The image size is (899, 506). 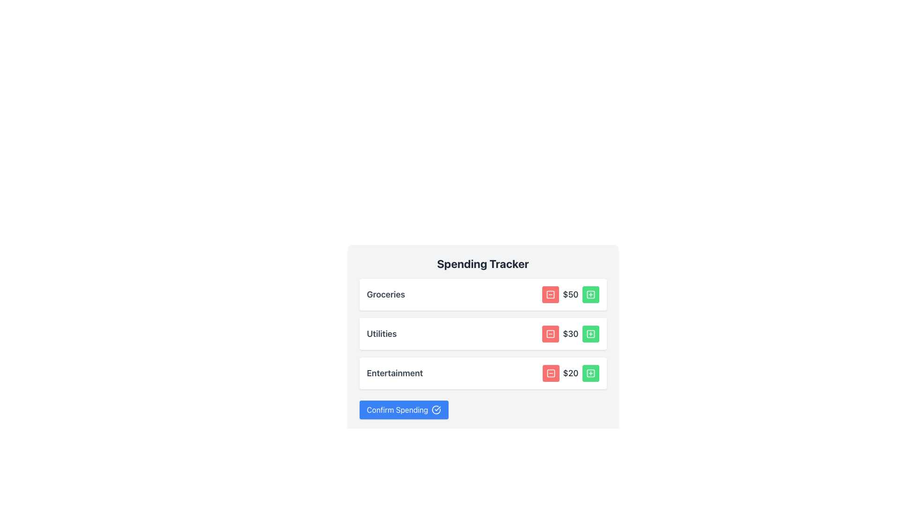 What do you see at coordinates (551, 373) in the screenshot?
I see `the small square red button located near the right side of the 'Entertainment' entry in the list` at bounding box center [551, 373].